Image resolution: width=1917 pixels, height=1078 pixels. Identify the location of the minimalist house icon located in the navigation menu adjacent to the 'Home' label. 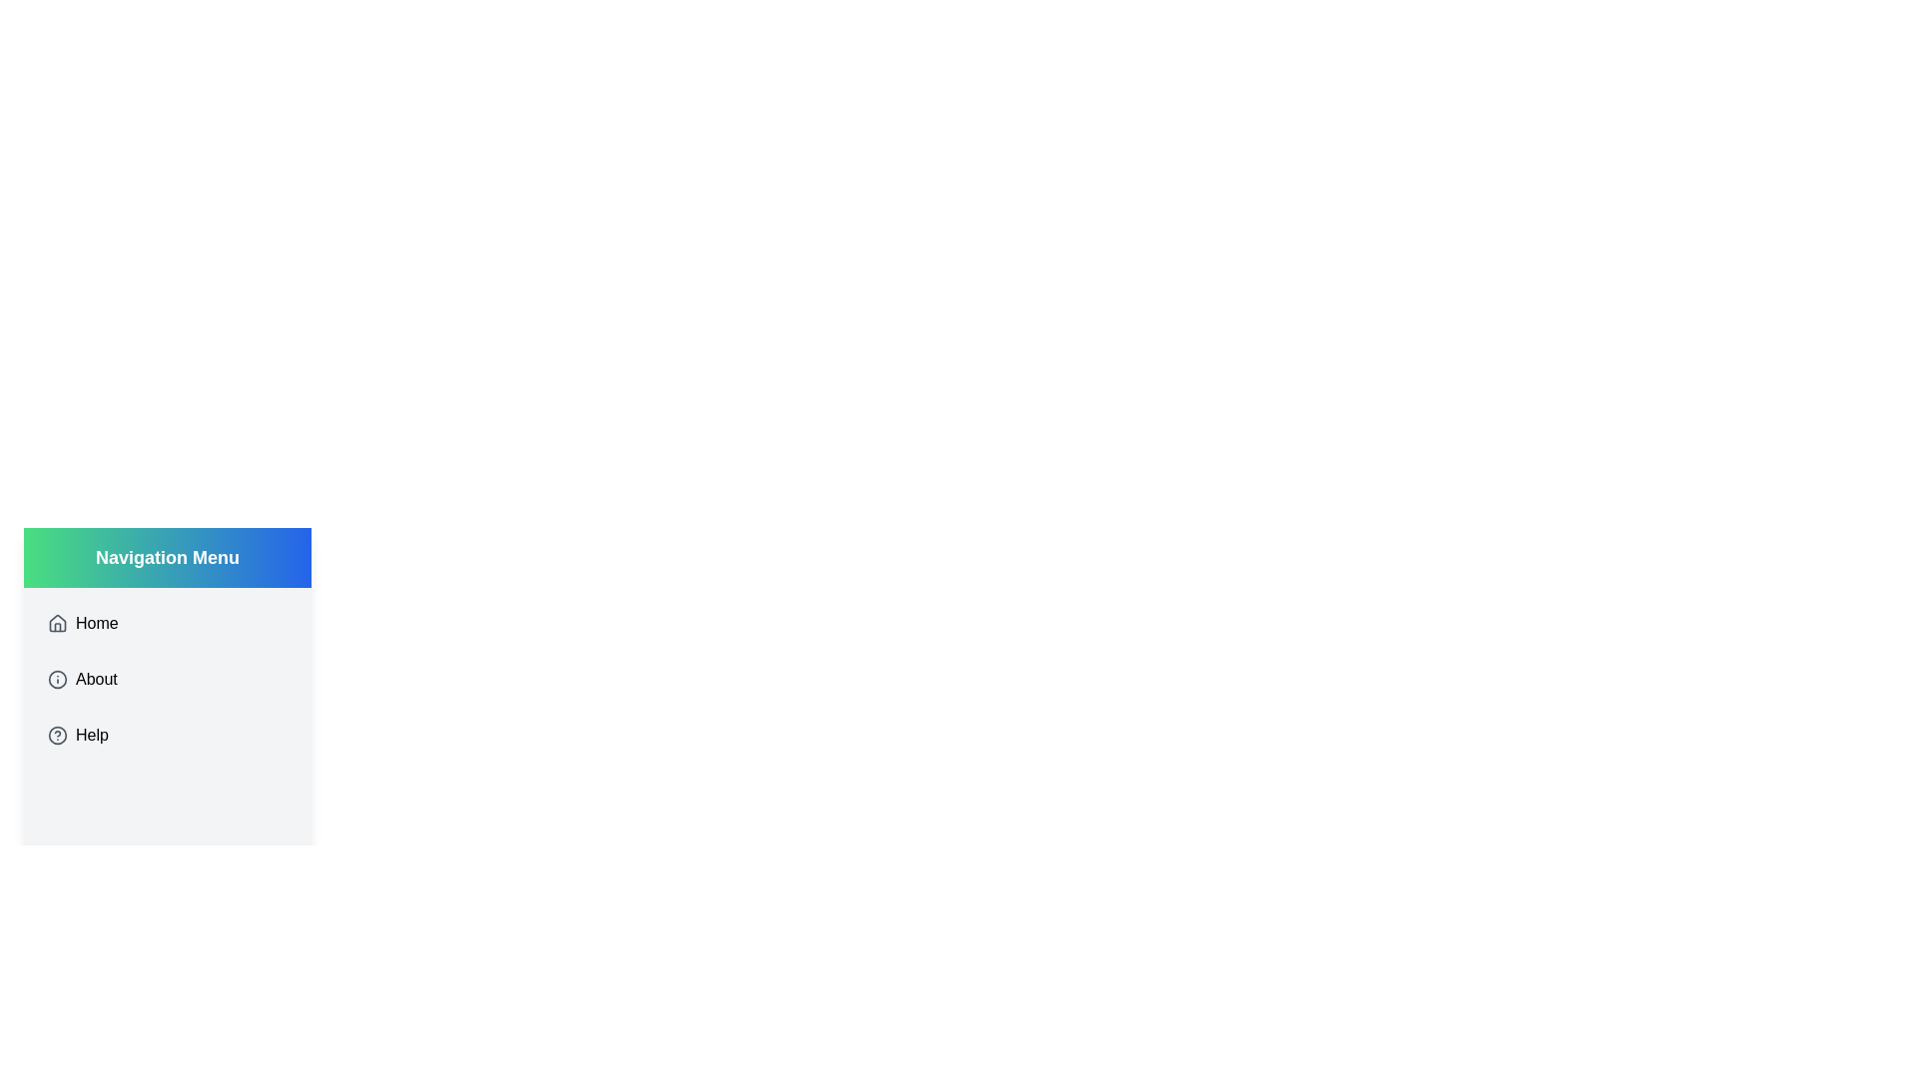
(57, 622).